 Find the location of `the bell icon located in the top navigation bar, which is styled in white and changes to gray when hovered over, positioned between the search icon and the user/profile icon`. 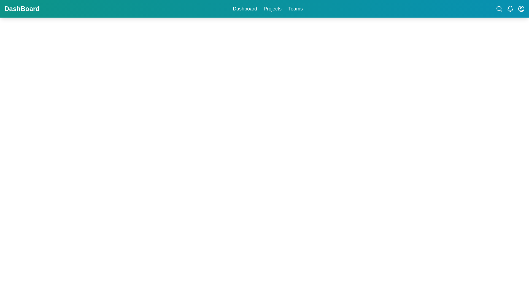

the bell icon located in the top navigation bar, which is styled in white and changes to gray when hovered over, positioned between the search icon and the user/profile icon is located at coordinates (510, 9).